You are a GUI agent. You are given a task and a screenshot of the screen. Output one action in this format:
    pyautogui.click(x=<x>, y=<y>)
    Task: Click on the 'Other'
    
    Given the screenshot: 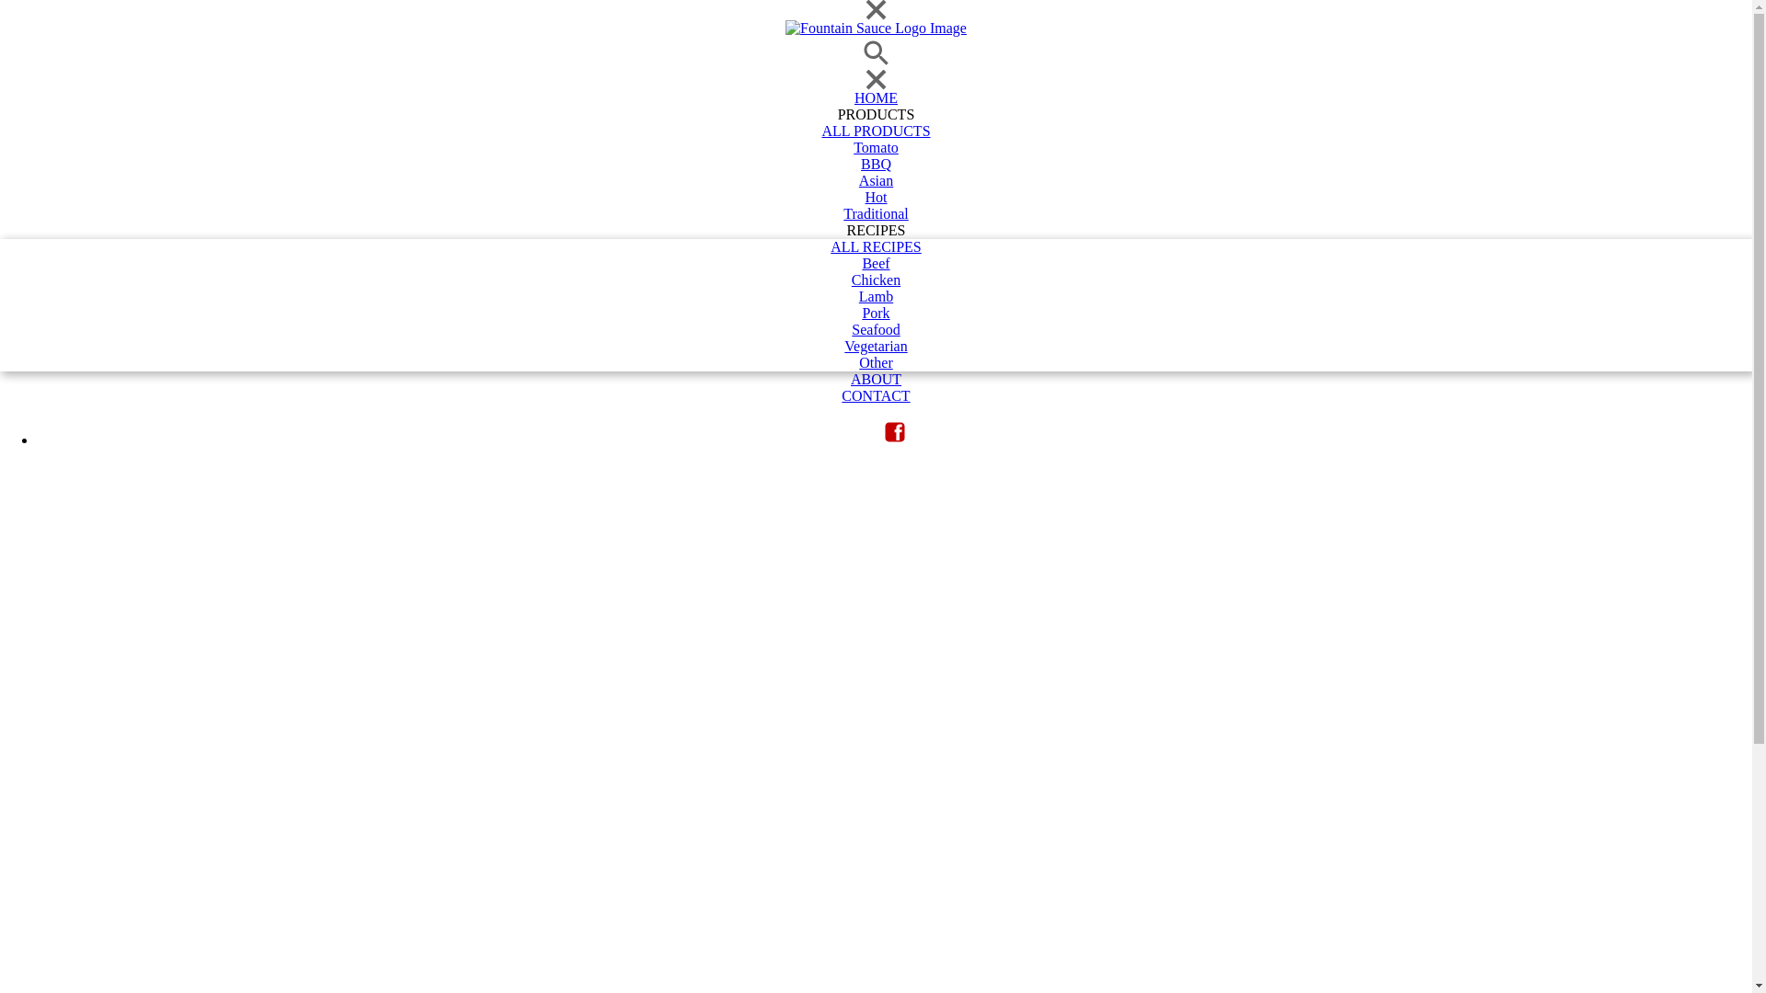 What is the action you would take?
    pyautogui.click(x=0, y=362)
    